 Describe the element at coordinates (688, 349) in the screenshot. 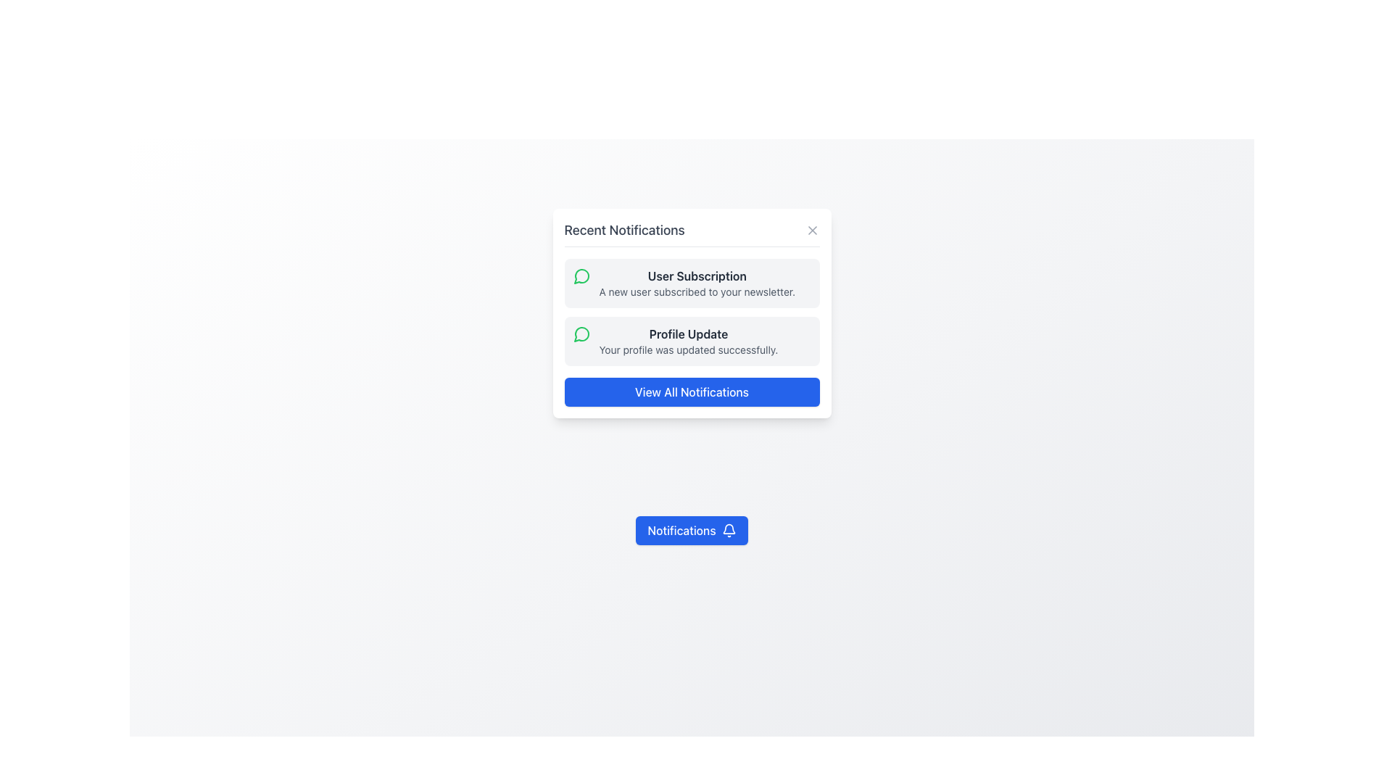

I see `the text element displaying 'Your profile was updated successfully.' which is styled with the class 'text-gray-600 text-sm' and is located below the 'Profile Update' heading in the notification card` at that location.